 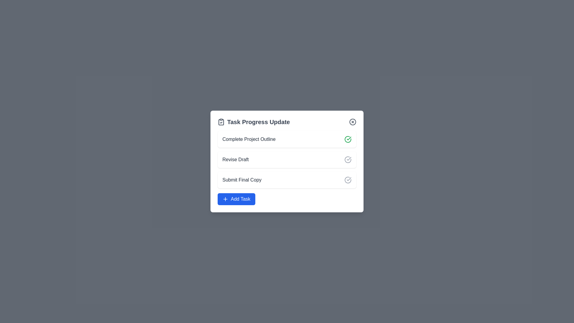 What do you see at coordinates (348, 179) in the screenshot?
I see `the circular check icon with a gray outline located next to the 'Submit Final Copy' text in the third task item` at bounding box center [348, 179].